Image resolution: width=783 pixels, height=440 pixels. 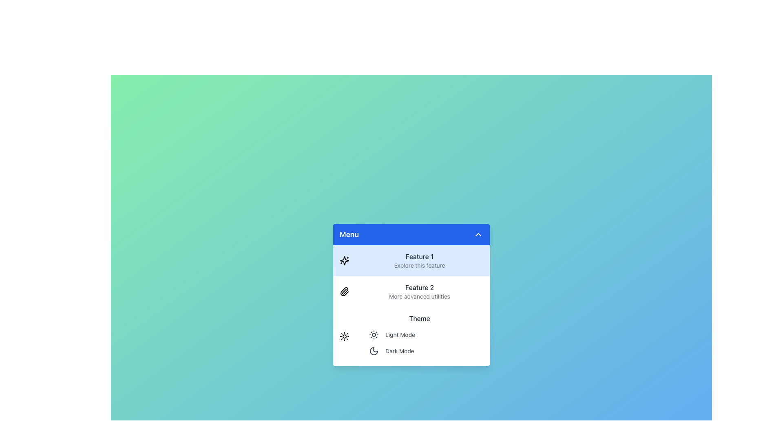 I want to click on the interactive button-like menu item for 'Feature 2' which is located centrally in the menu, positioned below 'Feature 1' and above 'Theme', so click(x=411, y=295).